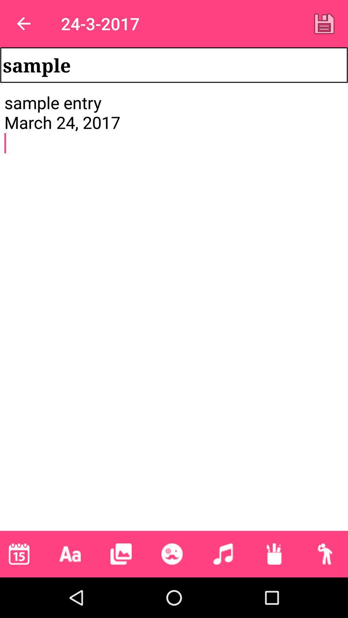  Describe the element at coordinates (121, 554) in the screenshot. I see `photos` at that location.